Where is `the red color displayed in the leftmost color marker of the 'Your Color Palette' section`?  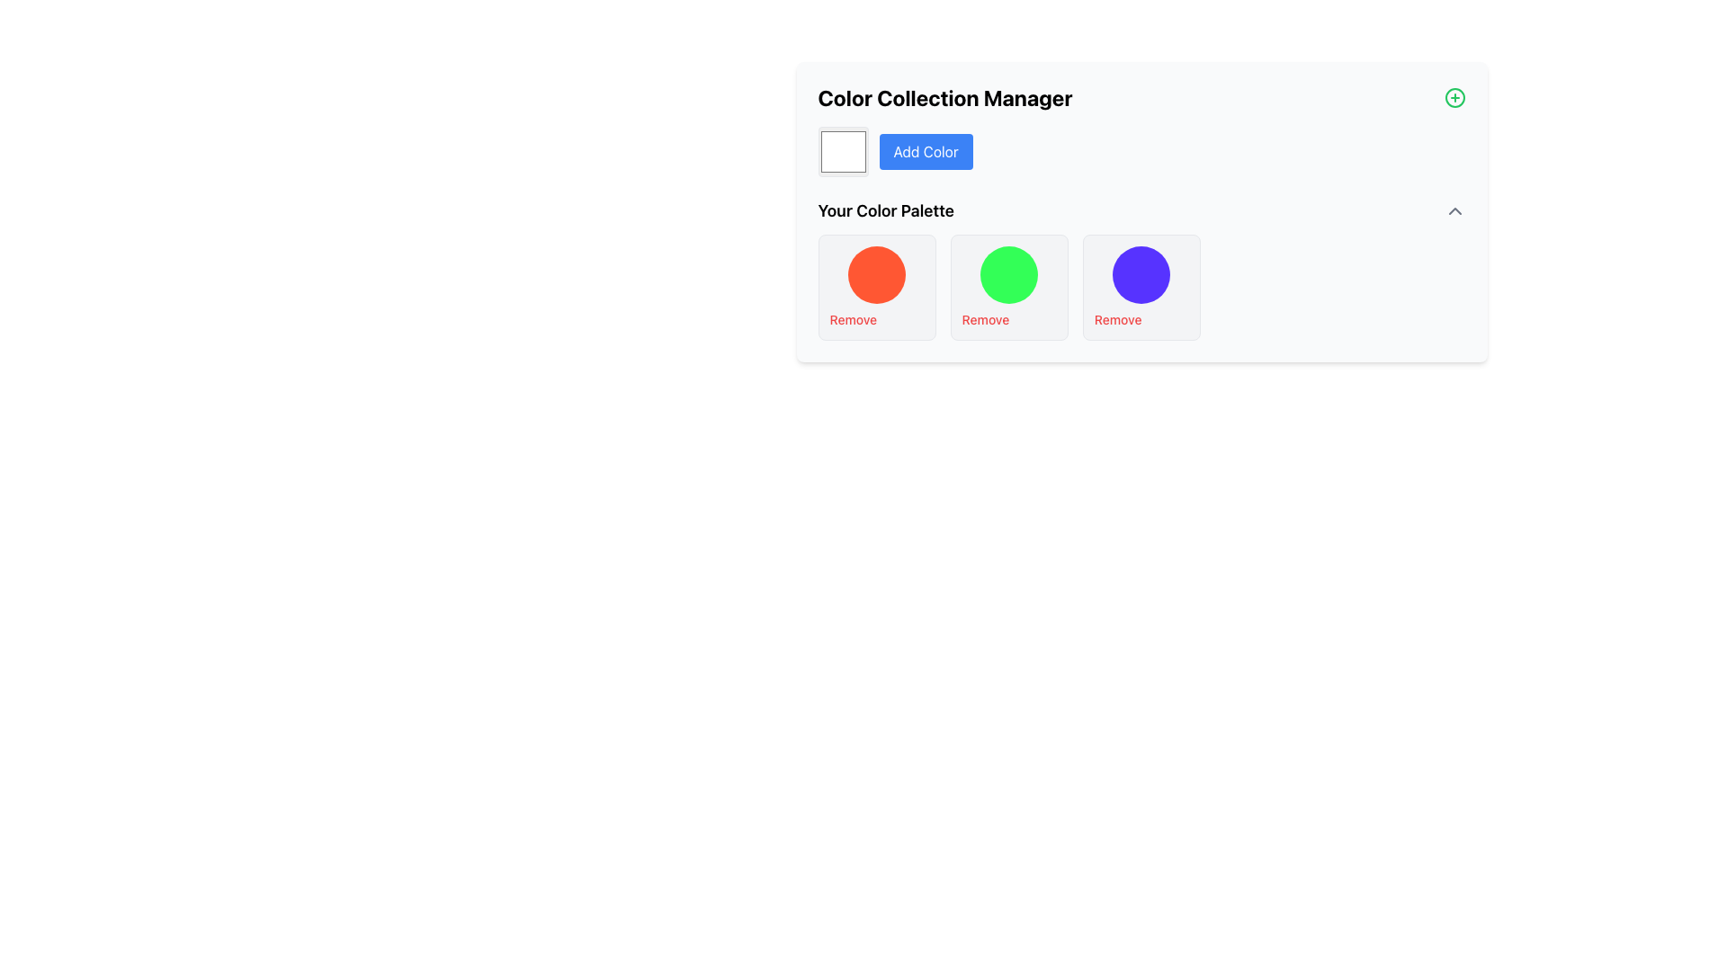 the red color displayed in the leftmost color marker of the 'Your Color Palette' section is located at coordinates (877, 274).